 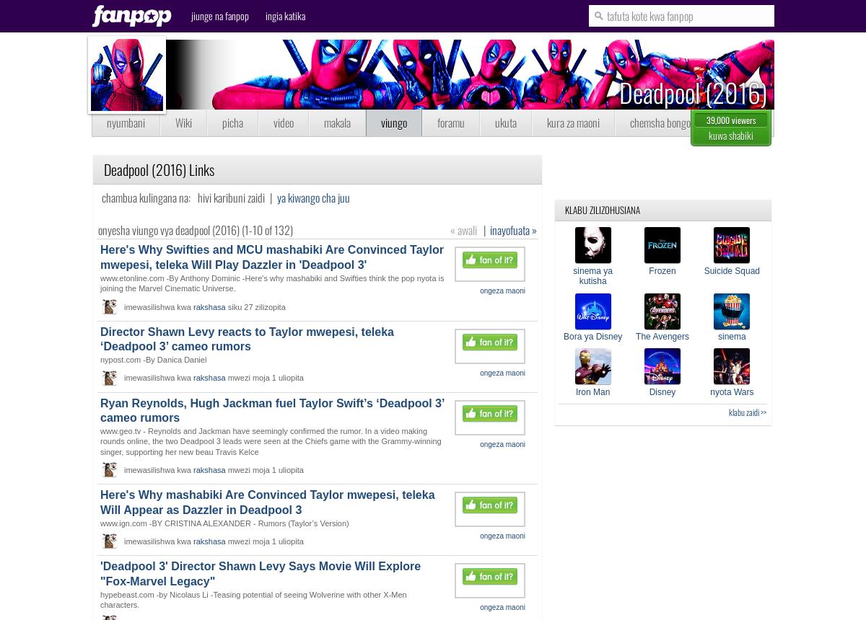 I want to click on 'inayofuata »', so click(x=513, y=229).